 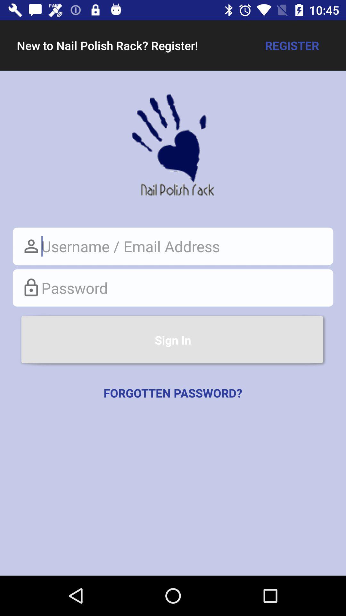 What do you see at coordinates (173, 246) in the screenshot?
I see `username or e-mail field` at bounding box center [173, 246].